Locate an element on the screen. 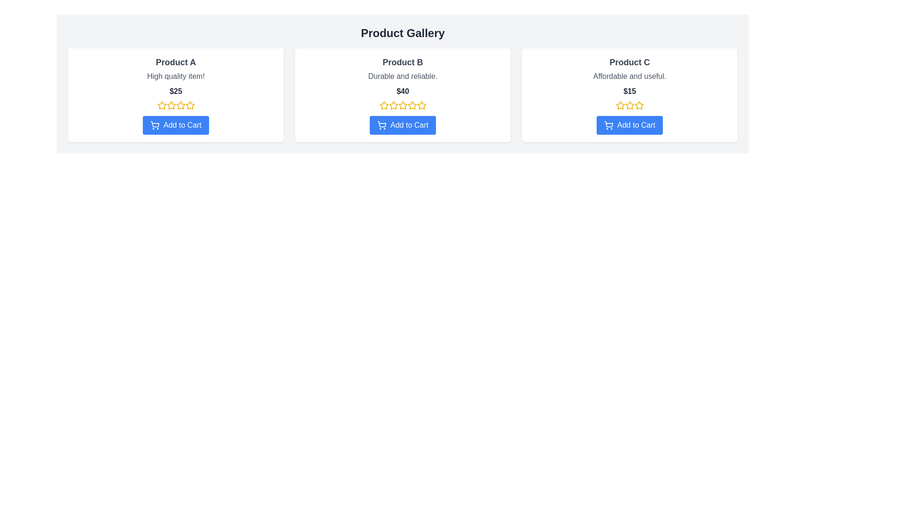  the shopping cart icon located in the top-left part of the 'Add to Cart' button on the card for 'Product A' is located at coordinates (155, 124).